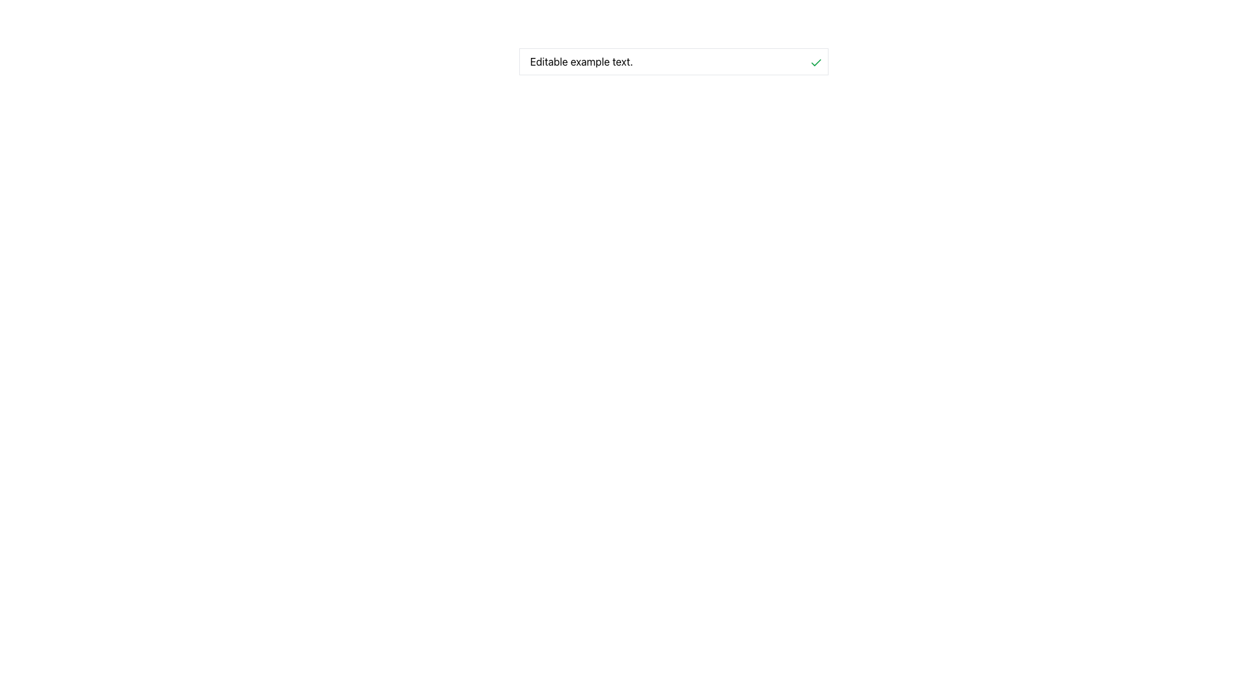 This screenshot has width=1237, height=695. Describe the element at coordinates (816, 62) in the screenshot. I see `the checkmark icon located to the right of the text box containing 'Editable example text' to confirm the correctness of the text` at that location.